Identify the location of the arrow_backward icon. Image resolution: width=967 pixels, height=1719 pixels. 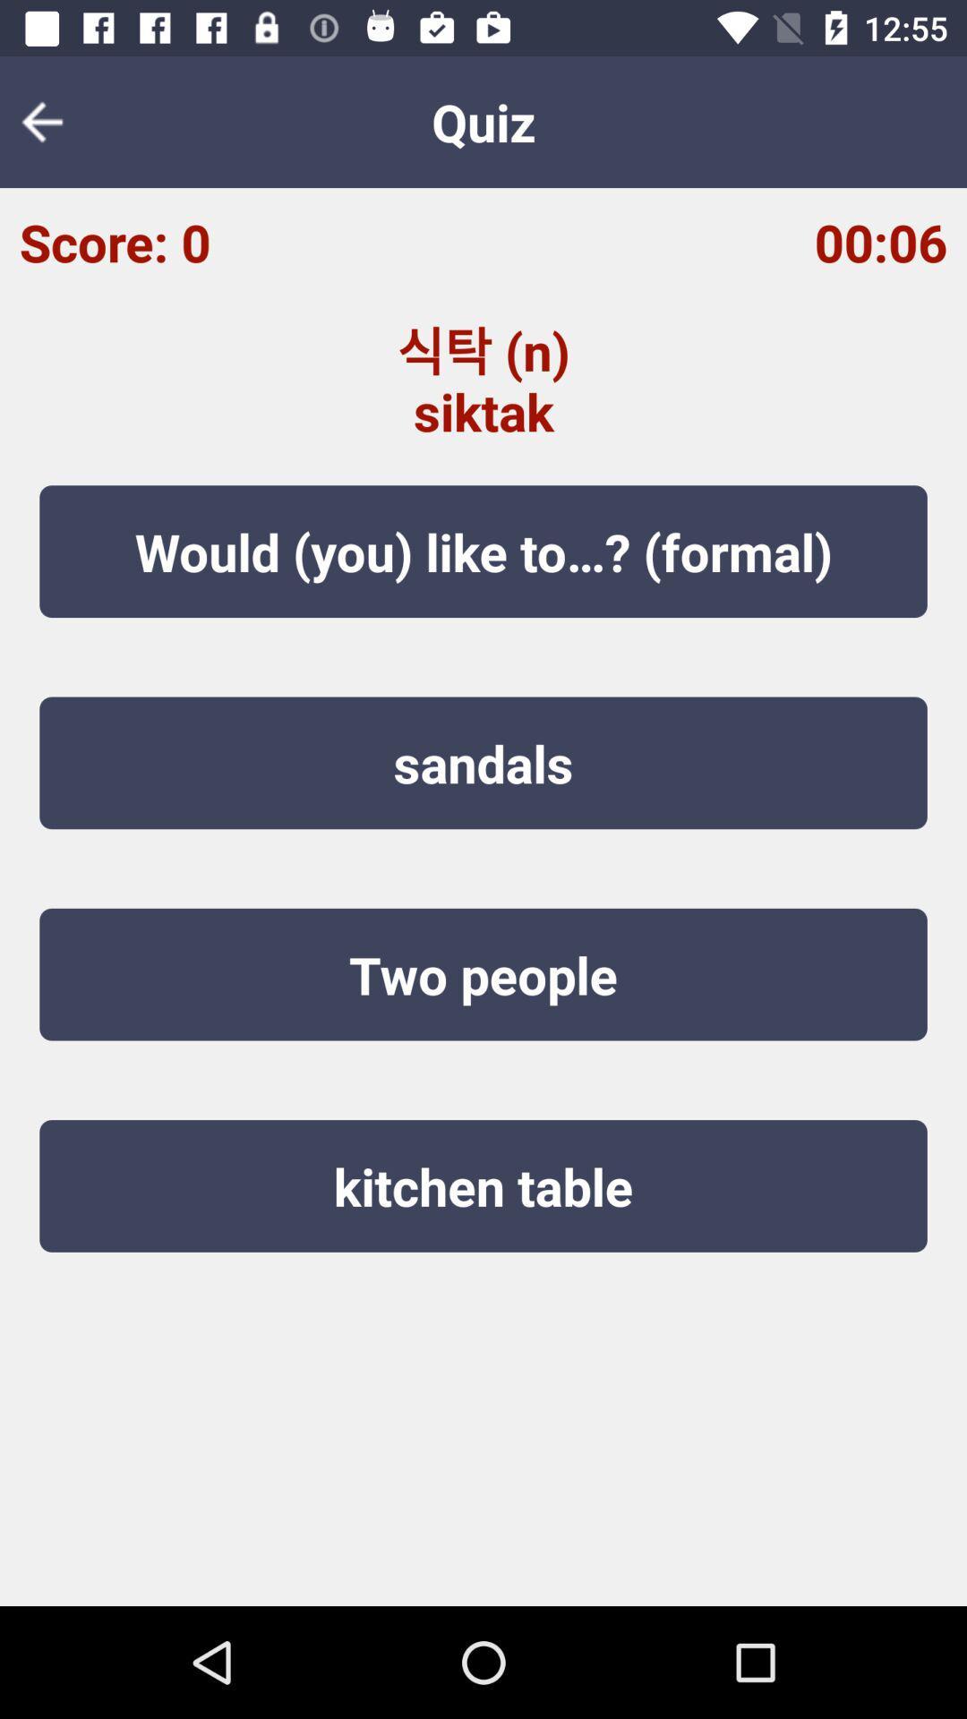
(53, 121).